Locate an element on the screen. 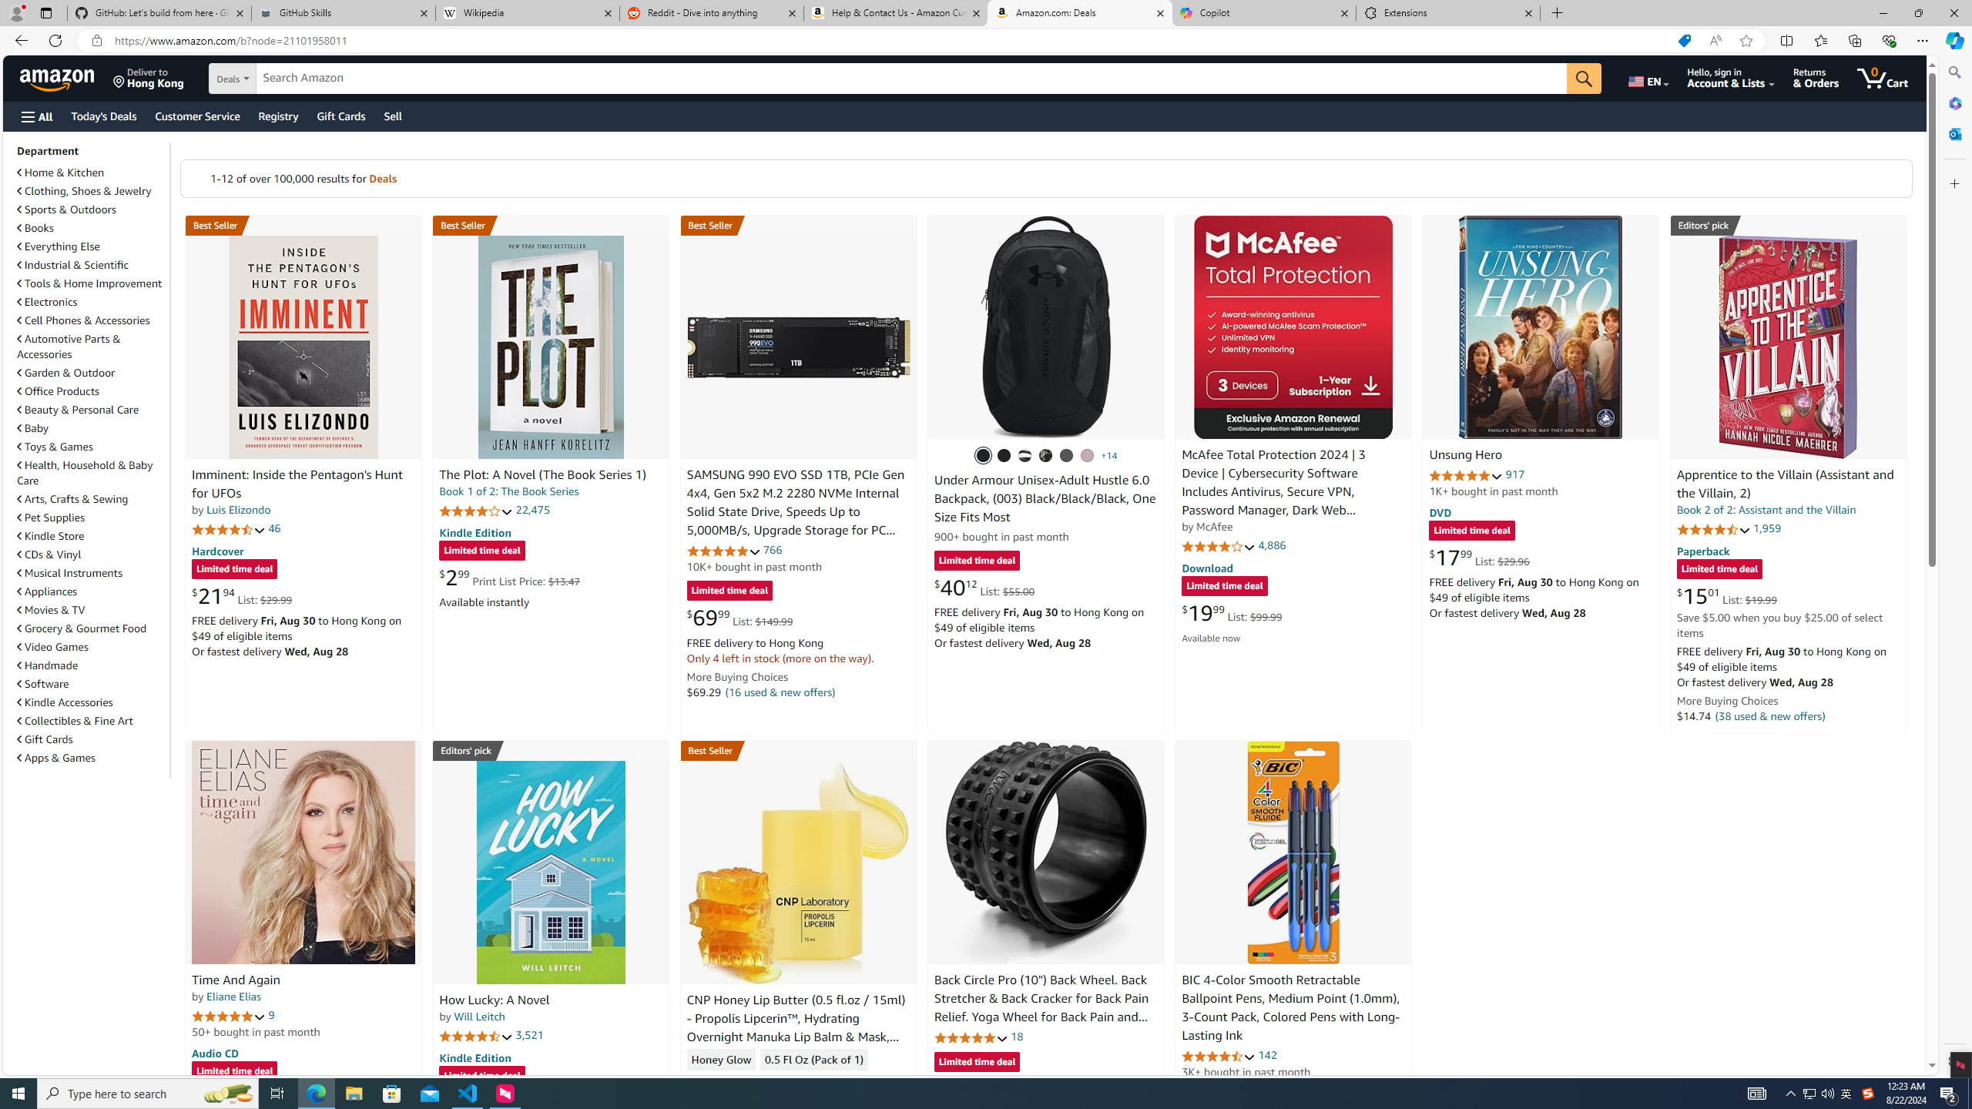 The image size is (1972, 1109). 'Collectibles & Fine Art' is located at coordinates (91, 720).